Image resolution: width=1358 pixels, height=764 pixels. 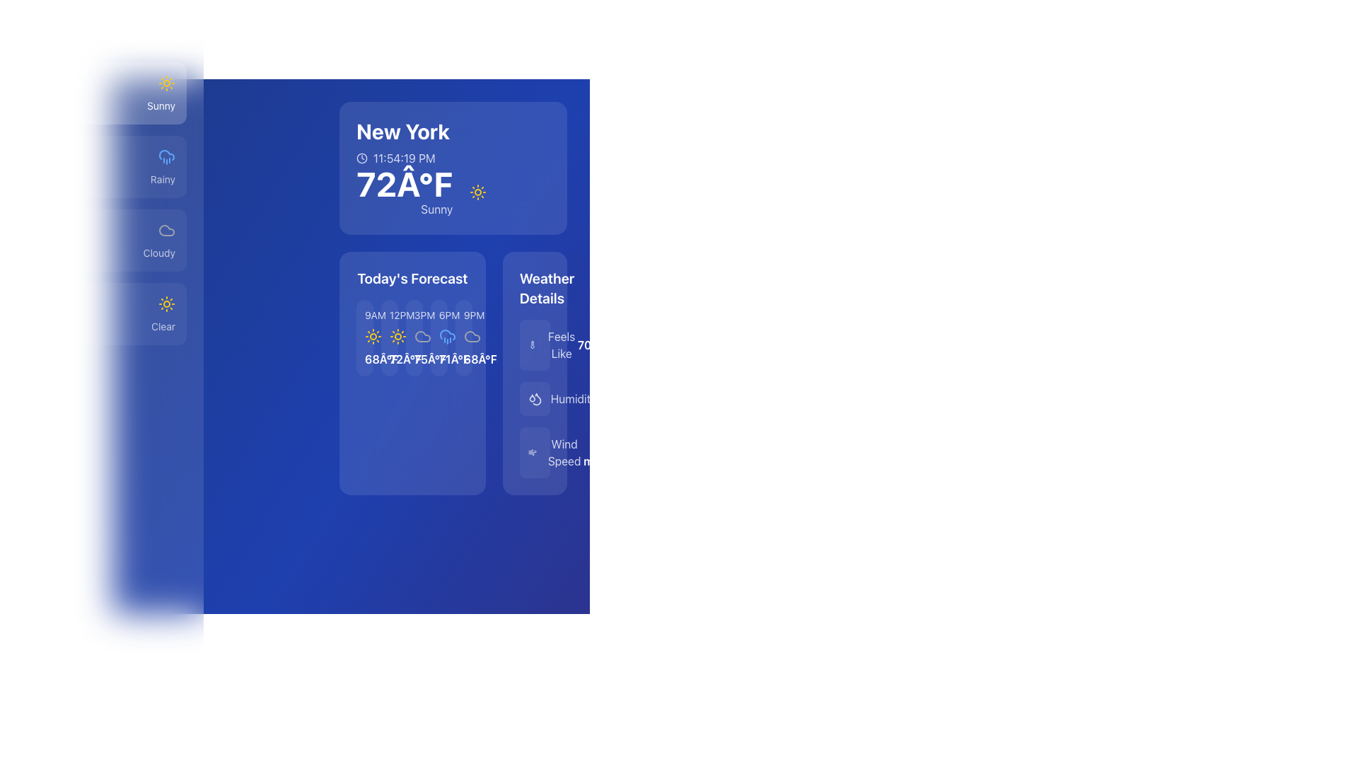 I want to click on text displayed in the current time format 'HH:MM:SS AM/PM' located to the immediate right of the clock icon in the 'New York' section, so click(x=403, y=158).